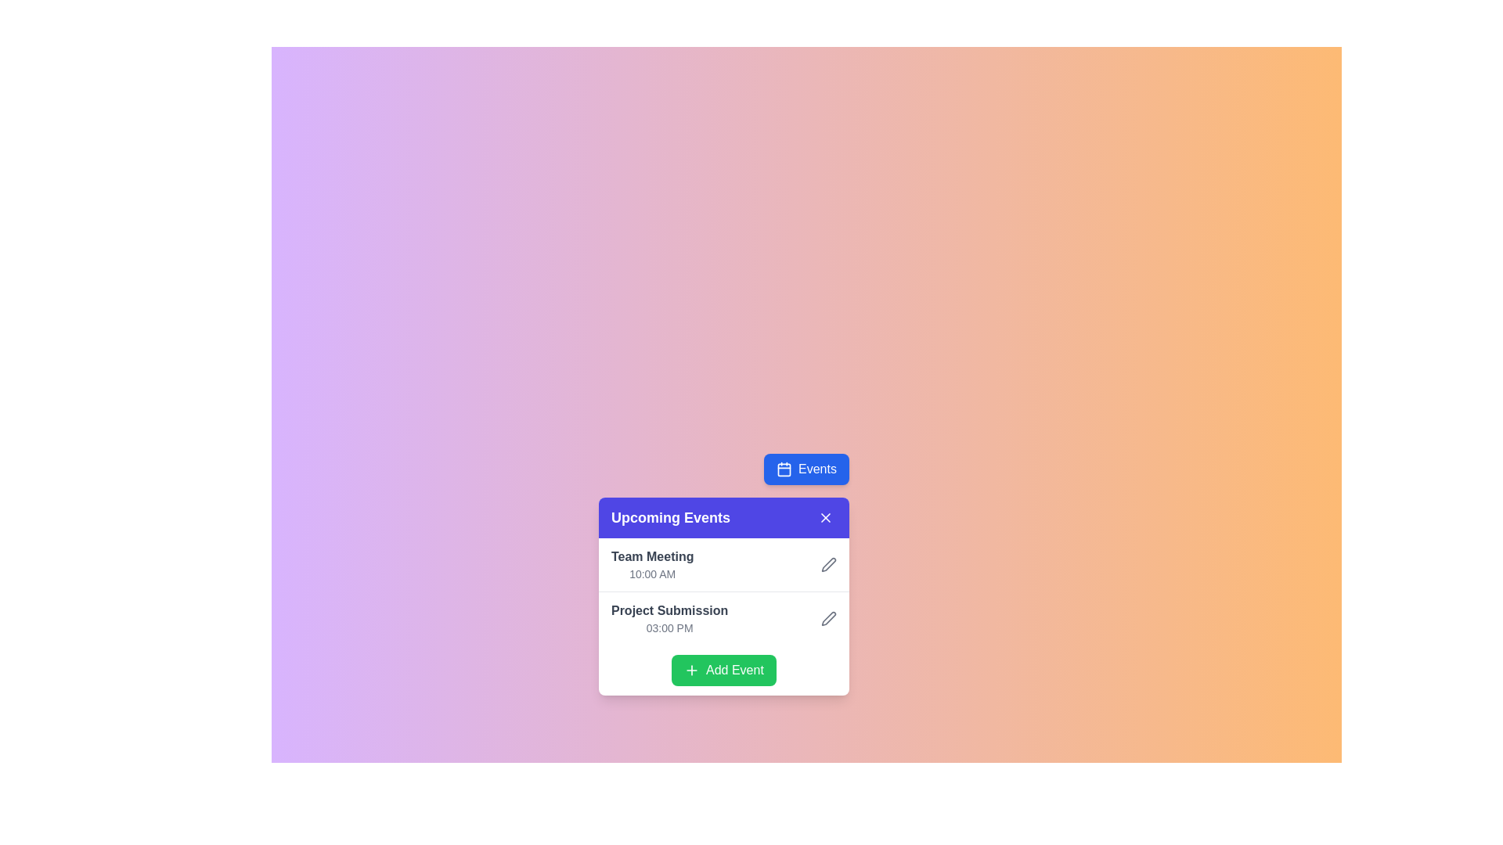 This screenshot has height=845, width=1503. What do you see at coordinates (723, 596) in the screenshot?
I see `the event card in the bottom half of the page` at bounding box center [723, 596].